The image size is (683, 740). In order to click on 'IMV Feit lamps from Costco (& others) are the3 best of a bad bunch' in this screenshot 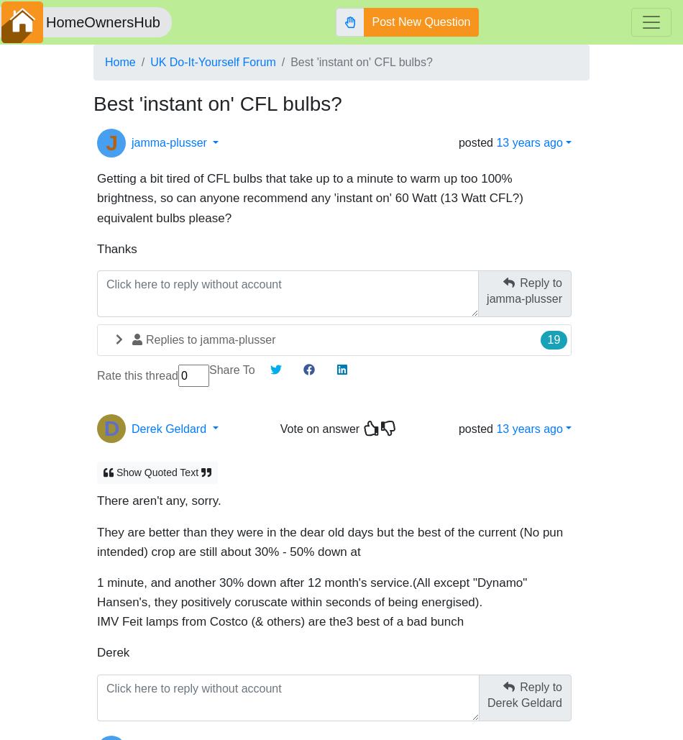, I will do `click(279, 614)`.